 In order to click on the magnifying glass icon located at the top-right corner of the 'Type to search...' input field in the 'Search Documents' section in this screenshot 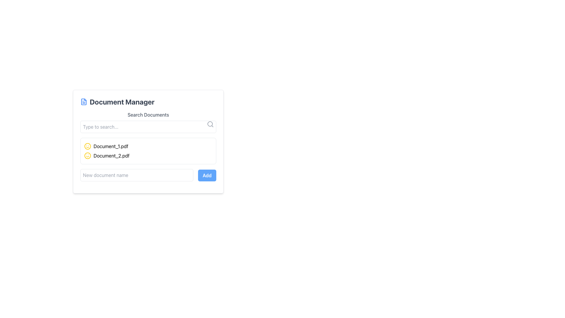, I will do `click(210, 124)`.